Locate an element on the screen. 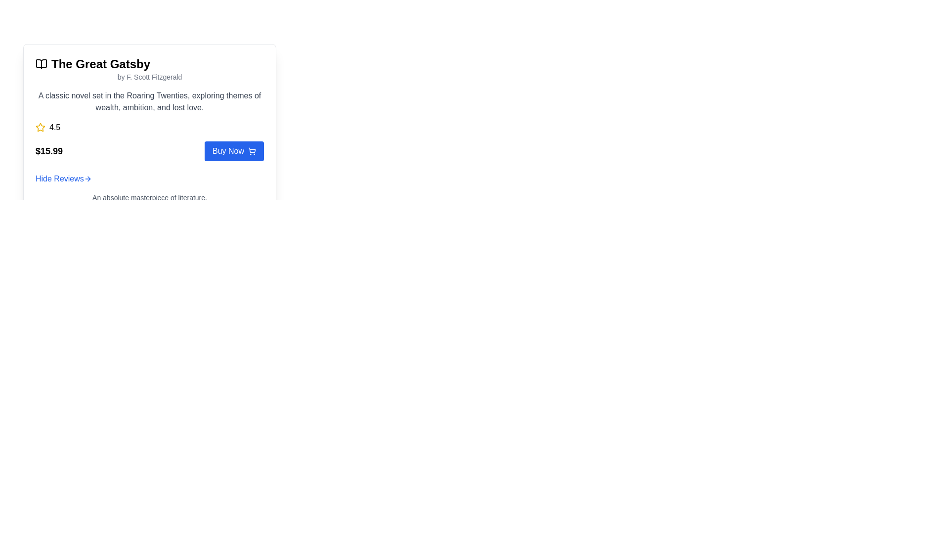  the star-shaped icon with yellow borders that represents the rating feature, located to the left of the numeric rating text ('4.5') is located at coordinates (40, 127).